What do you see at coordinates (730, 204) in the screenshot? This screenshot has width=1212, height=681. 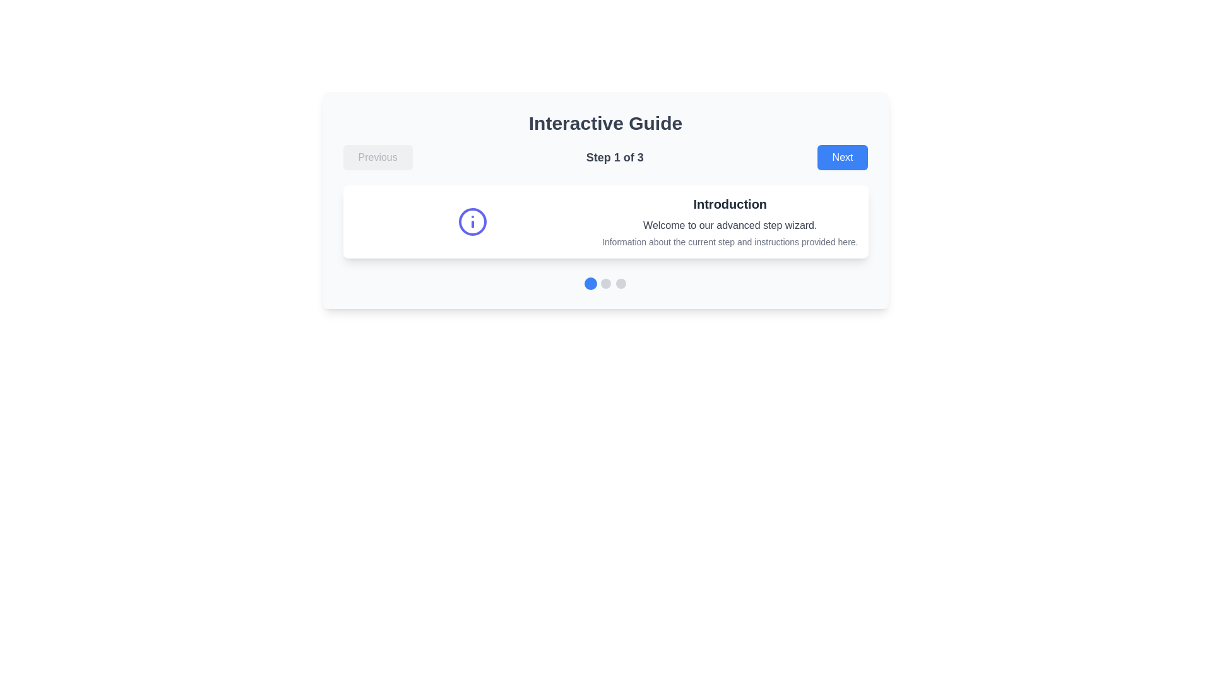 I see `the 'Introduction' text label, which is styled in a bold font and is prominently displayed above other text elements in the main content area` at bounding box center [730, 204].